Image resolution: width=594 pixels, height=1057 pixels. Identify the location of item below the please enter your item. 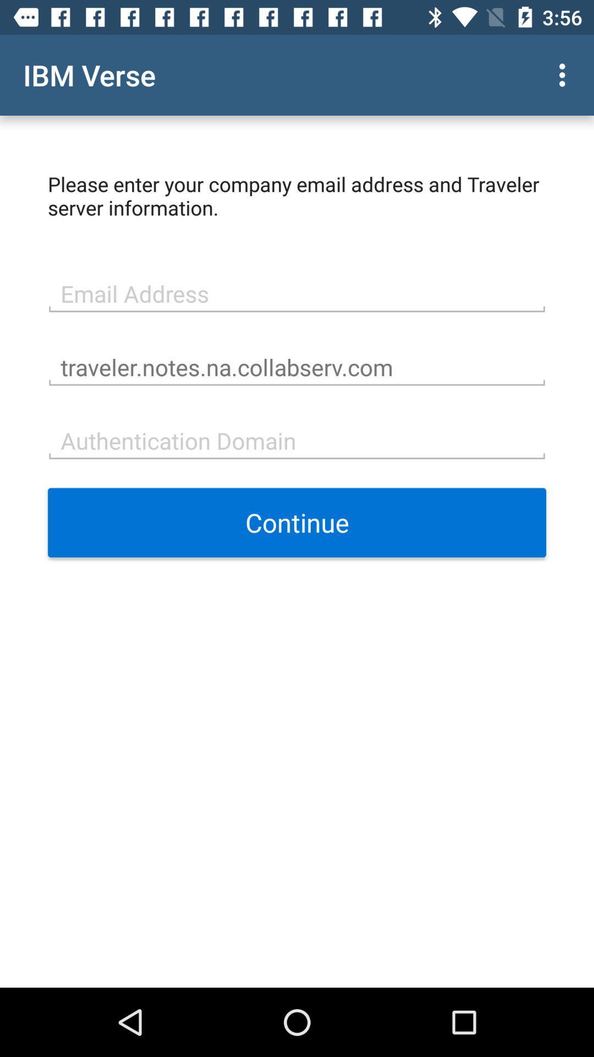
(297, 292).